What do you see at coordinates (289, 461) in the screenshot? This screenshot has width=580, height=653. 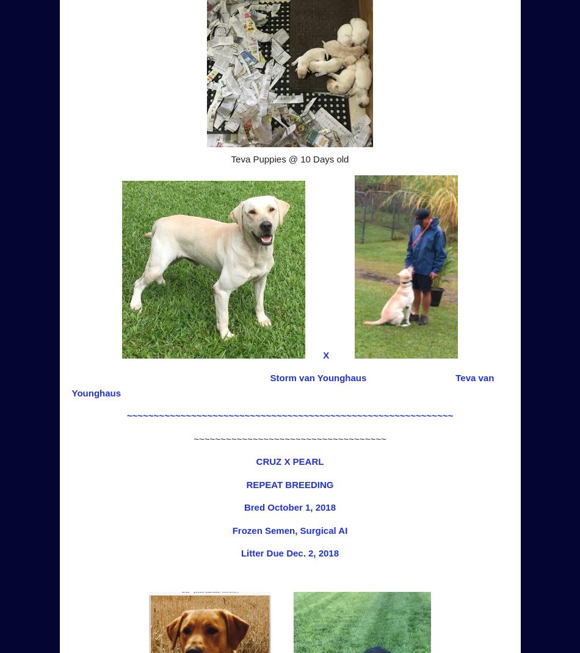 I see `'CRUZ X PEARL'` at bounding box center [289, 461].